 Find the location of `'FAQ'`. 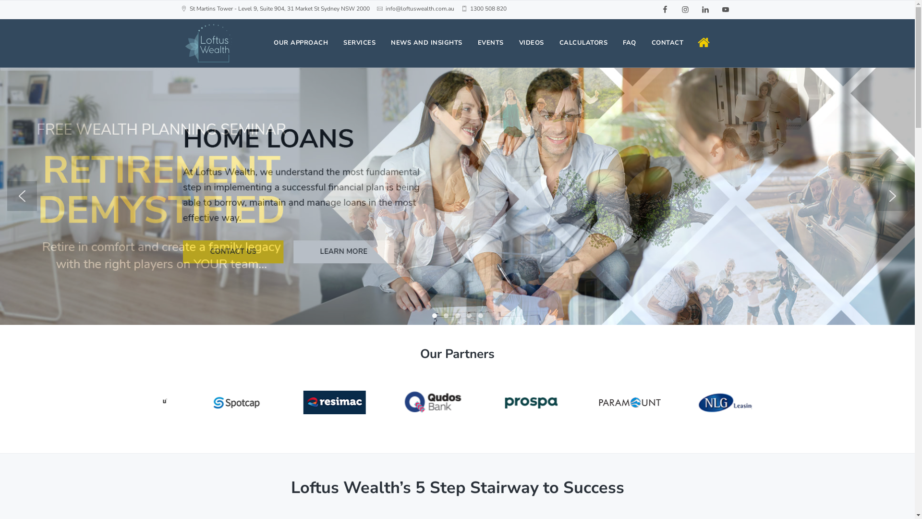

'FAQ' is located at coordinates (629, 42).